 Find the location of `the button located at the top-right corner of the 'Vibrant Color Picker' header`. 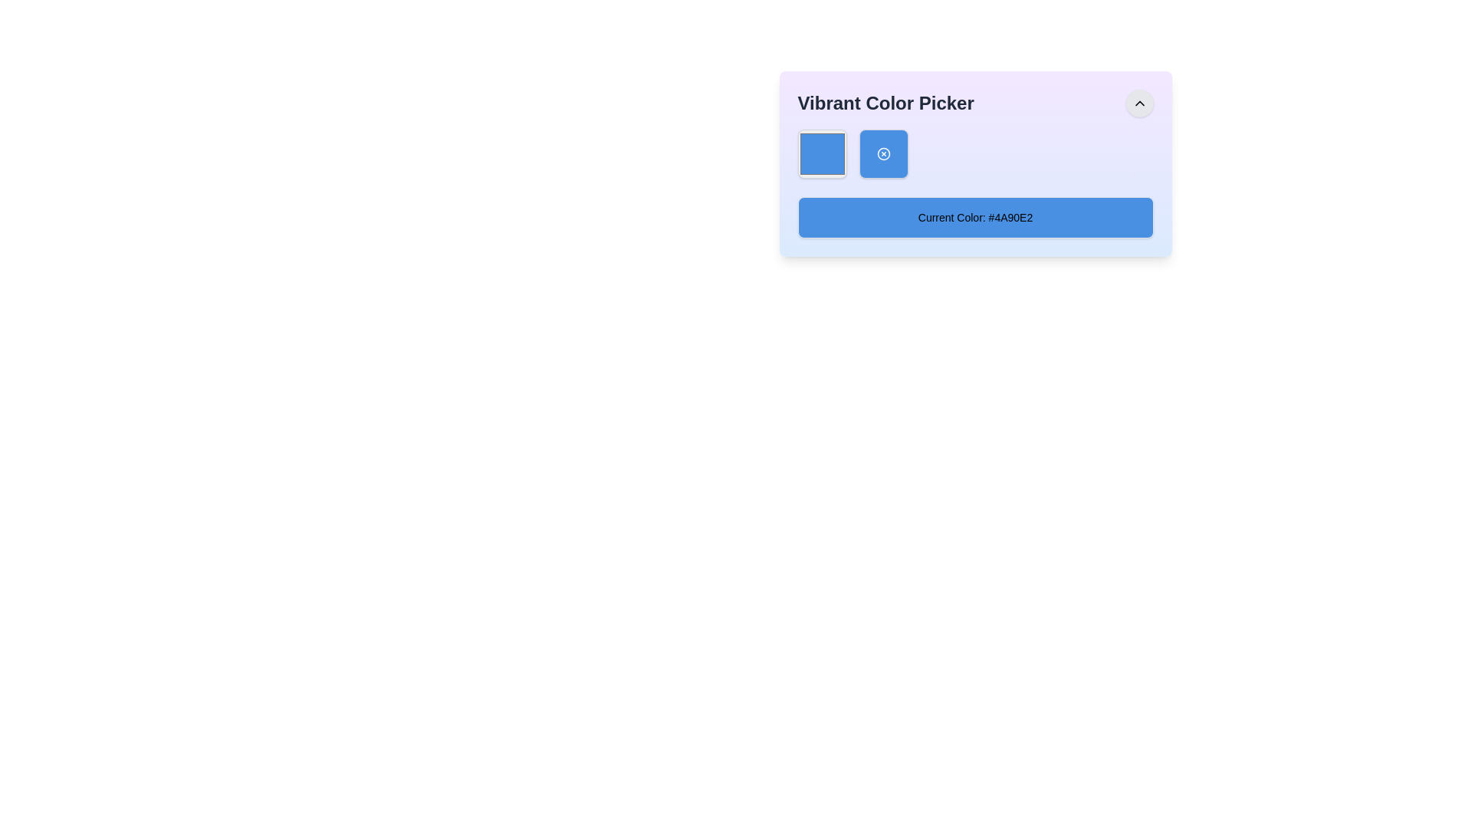

the button located at the top-right corner of the 'Vibrant Color Picker' header is located at coordinates (1139, 103).